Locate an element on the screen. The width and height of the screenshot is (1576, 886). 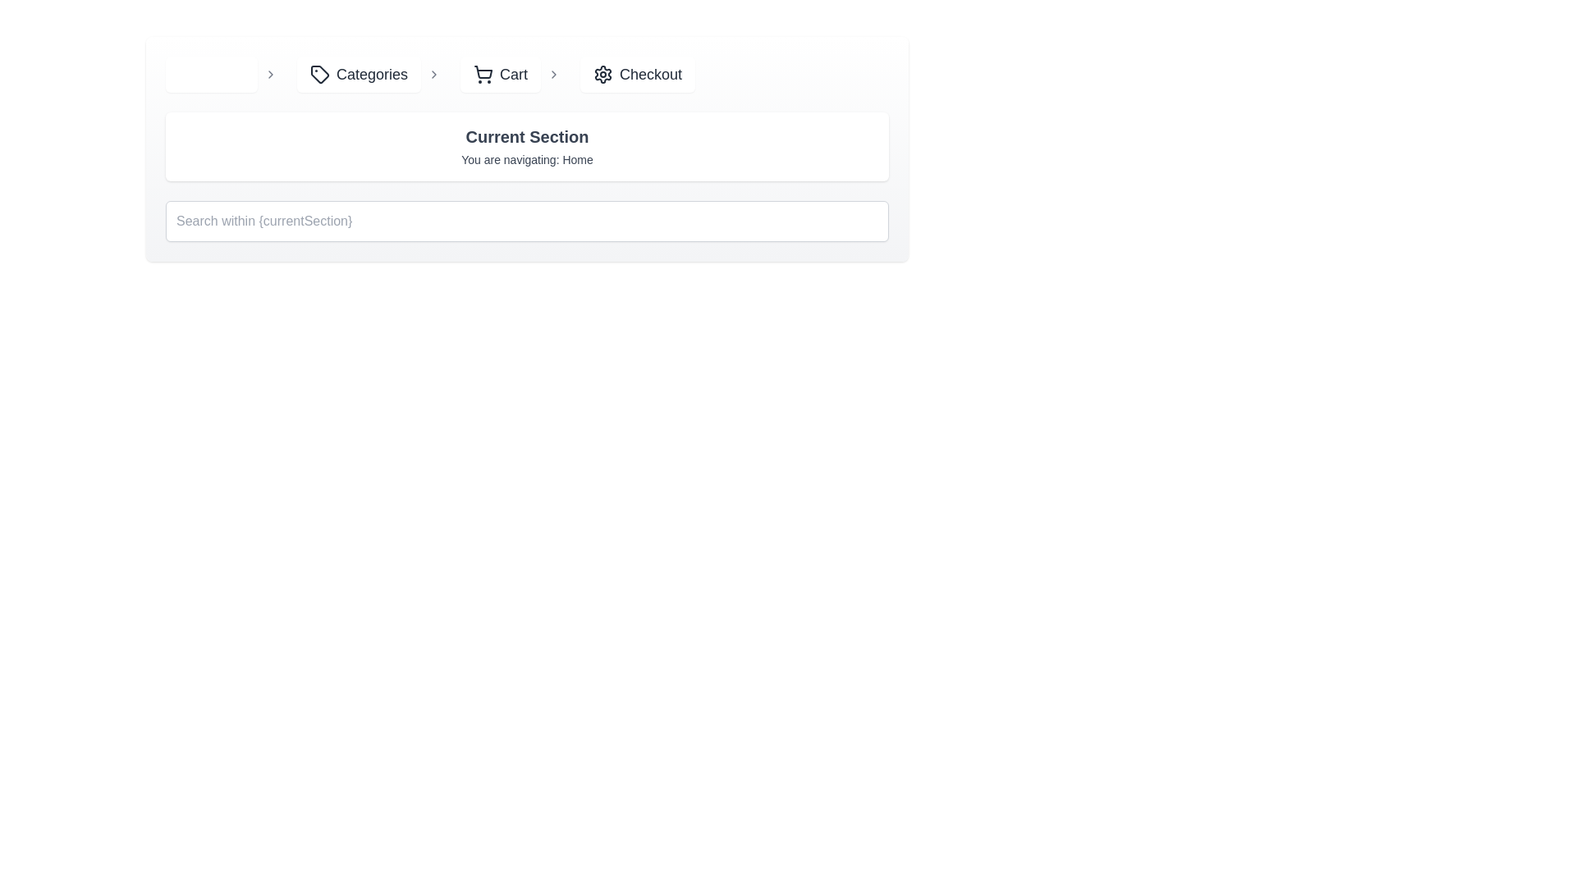
the navigation button that redirects to the 'Categories' page, positioned second in the list after 'Home' and before 'Cart' is located at coordinates (371, 75).